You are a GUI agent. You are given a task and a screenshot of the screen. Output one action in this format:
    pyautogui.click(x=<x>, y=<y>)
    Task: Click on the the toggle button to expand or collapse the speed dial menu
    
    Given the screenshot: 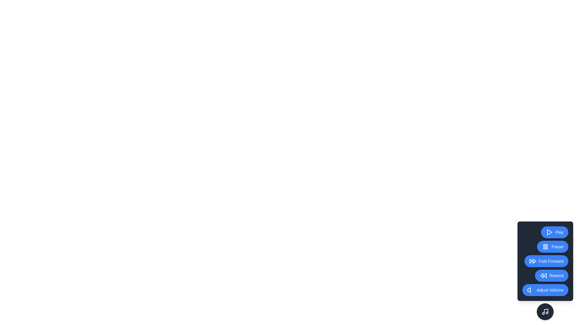 What is the action you would take?
    pyautogui.click(x=545, y=311)
    